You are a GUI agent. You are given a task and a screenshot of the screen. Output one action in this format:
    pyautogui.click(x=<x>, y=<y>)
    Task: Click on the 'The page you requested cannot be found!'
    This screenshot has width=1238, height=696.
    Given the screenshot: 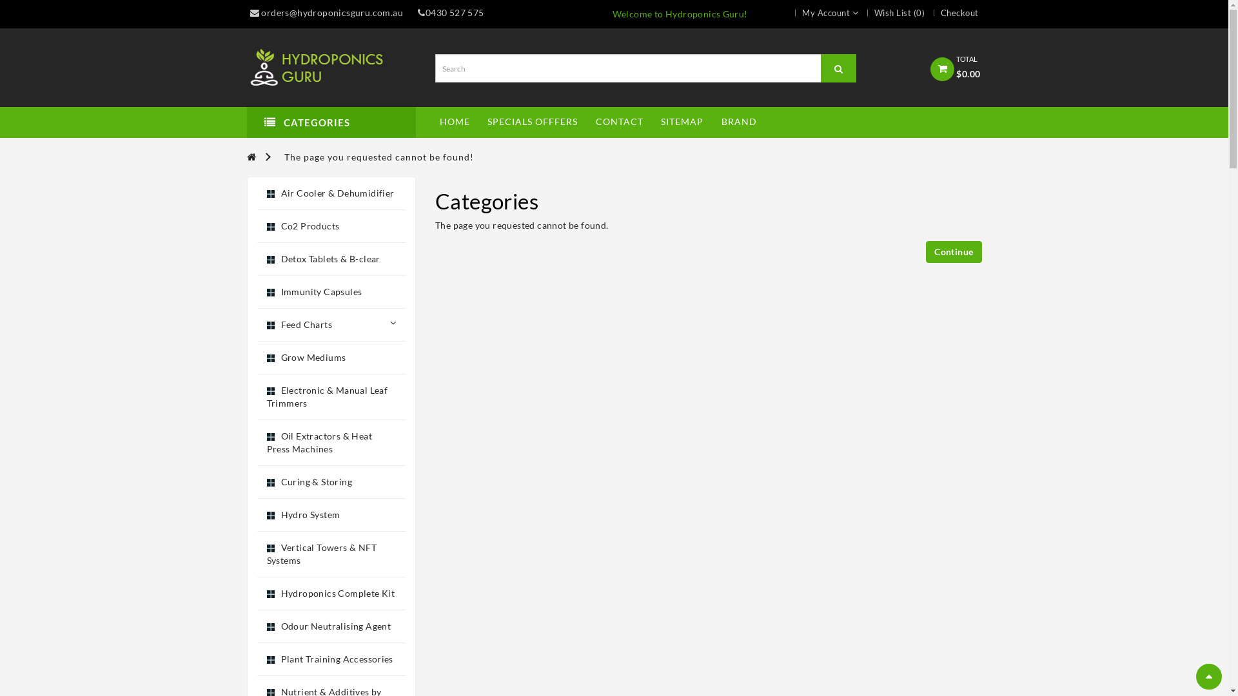 What is the action you would take?
    pyautogui.click(x=378, y=155)
    